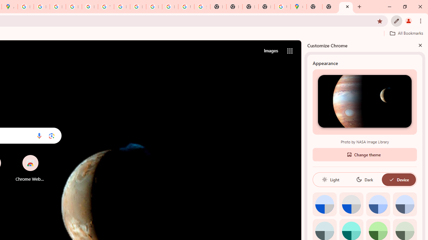 The image size is (428, 240). I want to click on 'Chrome Web Store', so click(30, 168).